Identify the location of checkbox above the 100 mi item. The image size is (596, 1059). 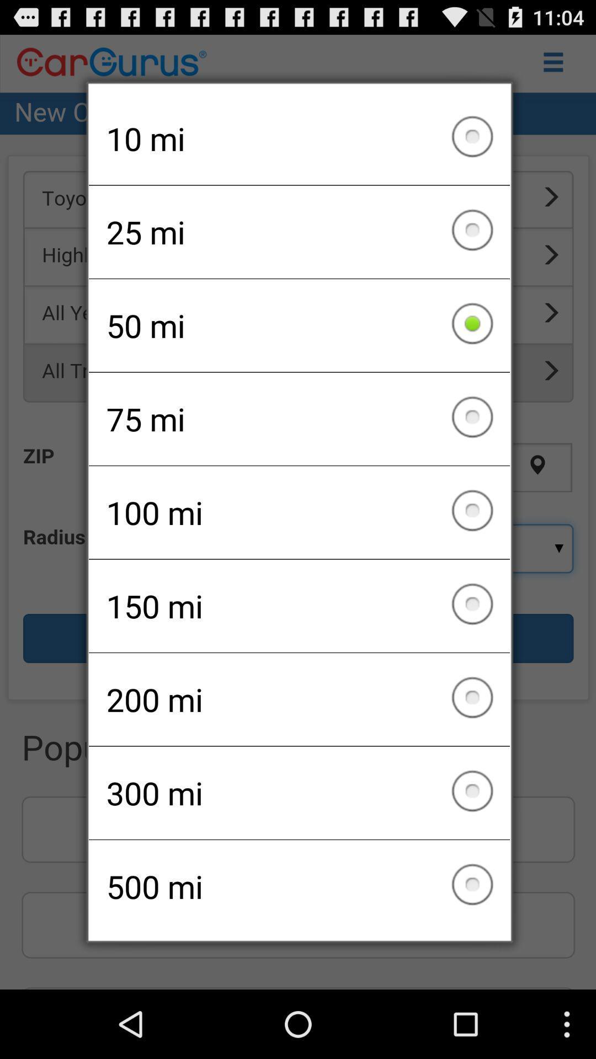
(299, 418).